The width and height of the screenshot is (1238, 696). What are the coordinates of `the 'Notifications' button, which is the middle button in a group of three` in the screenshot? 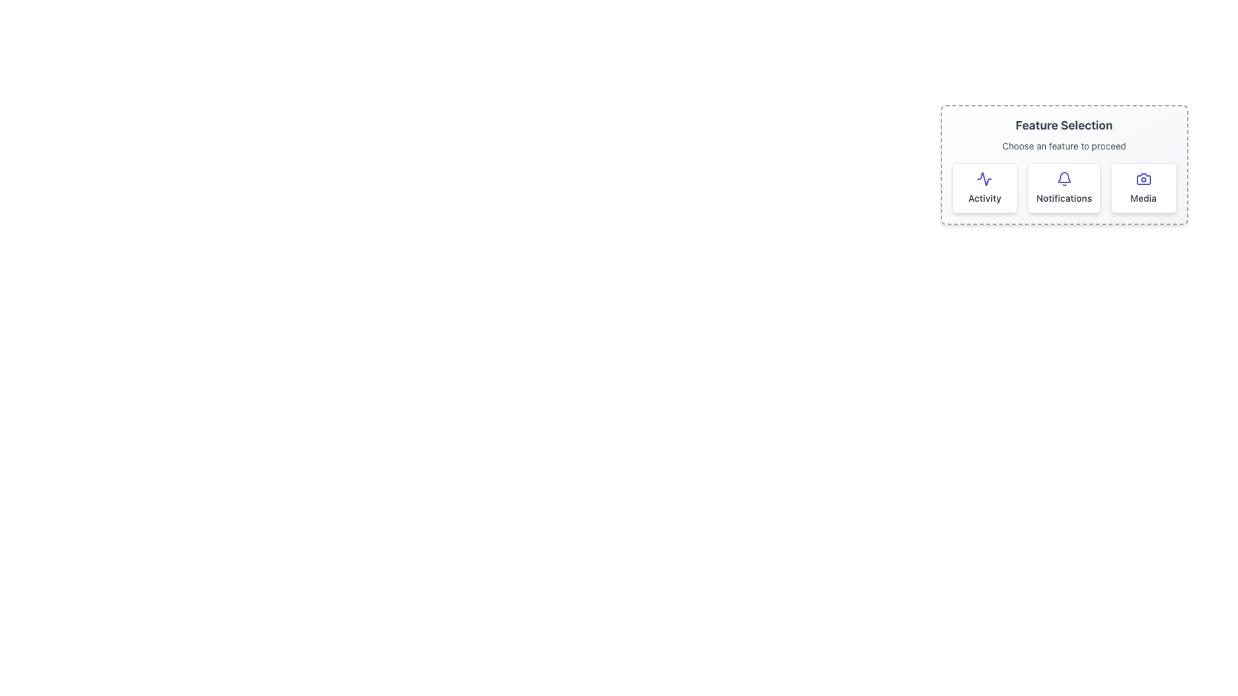 It's located at (1064, 164).